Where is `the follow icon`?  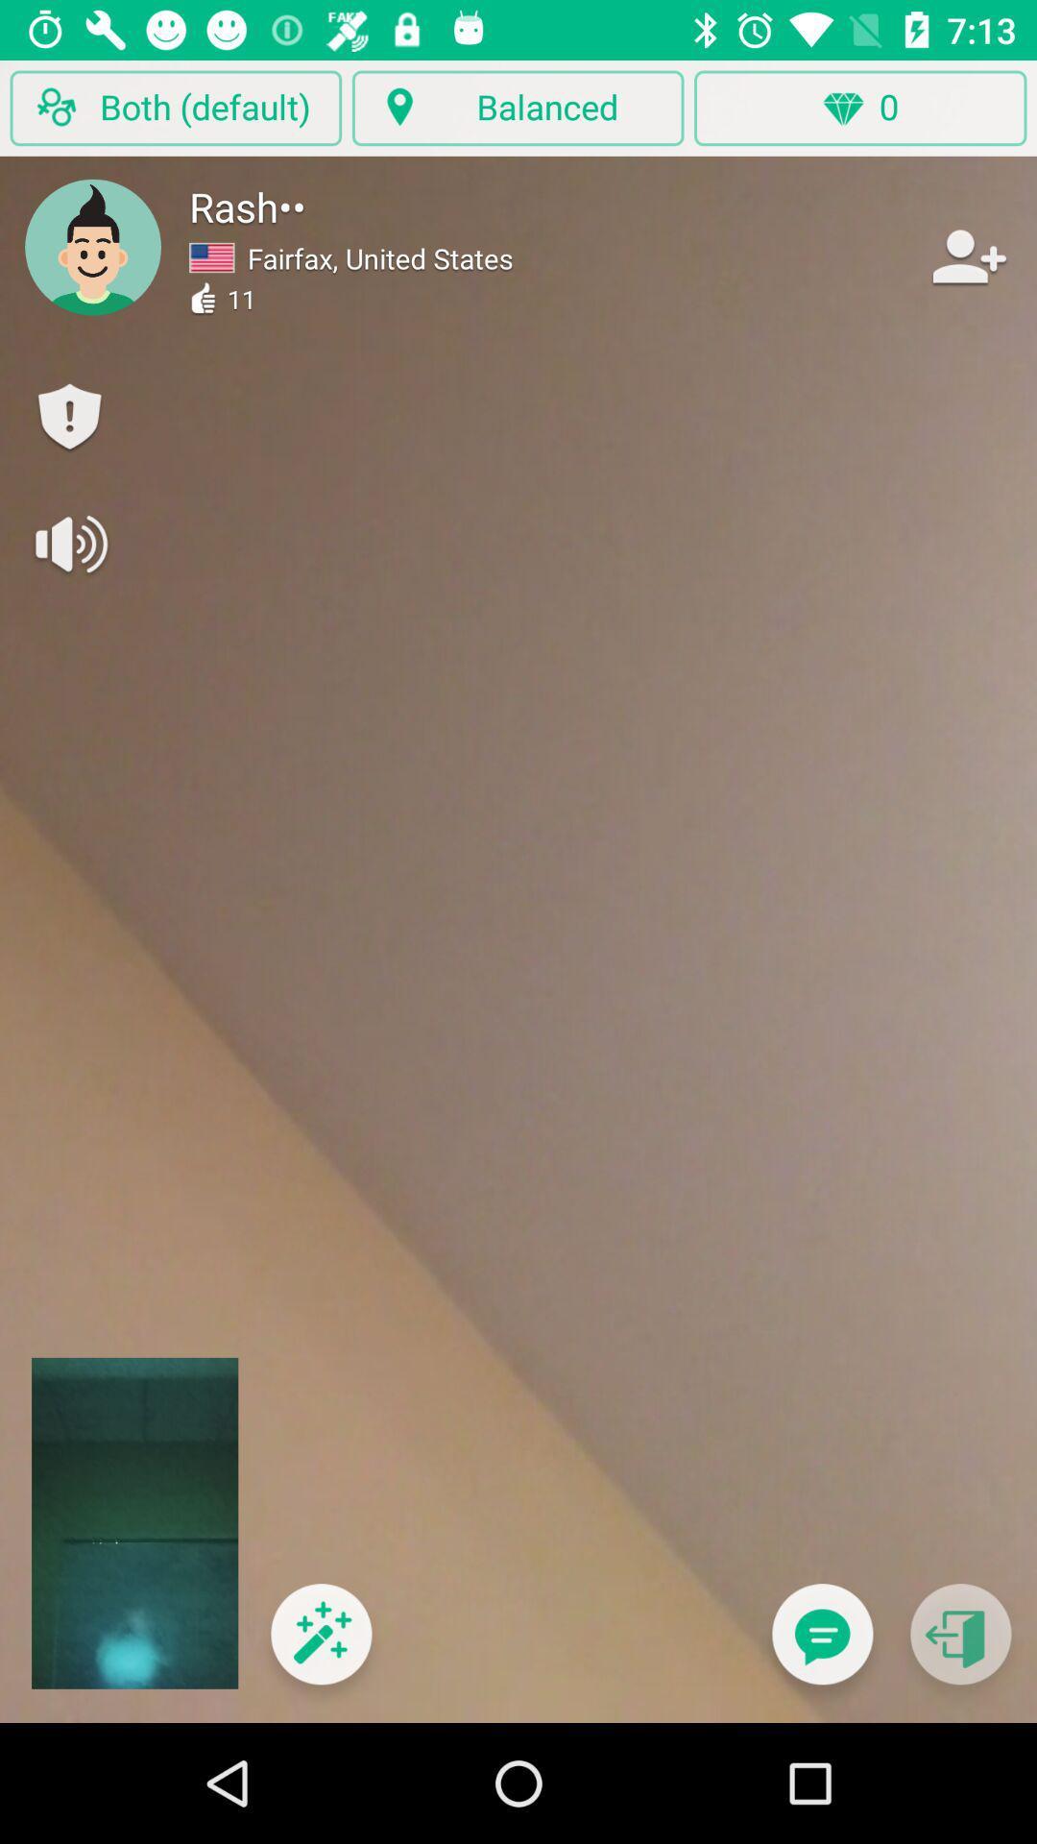
the follow icon is located at coordinates (967, 255).